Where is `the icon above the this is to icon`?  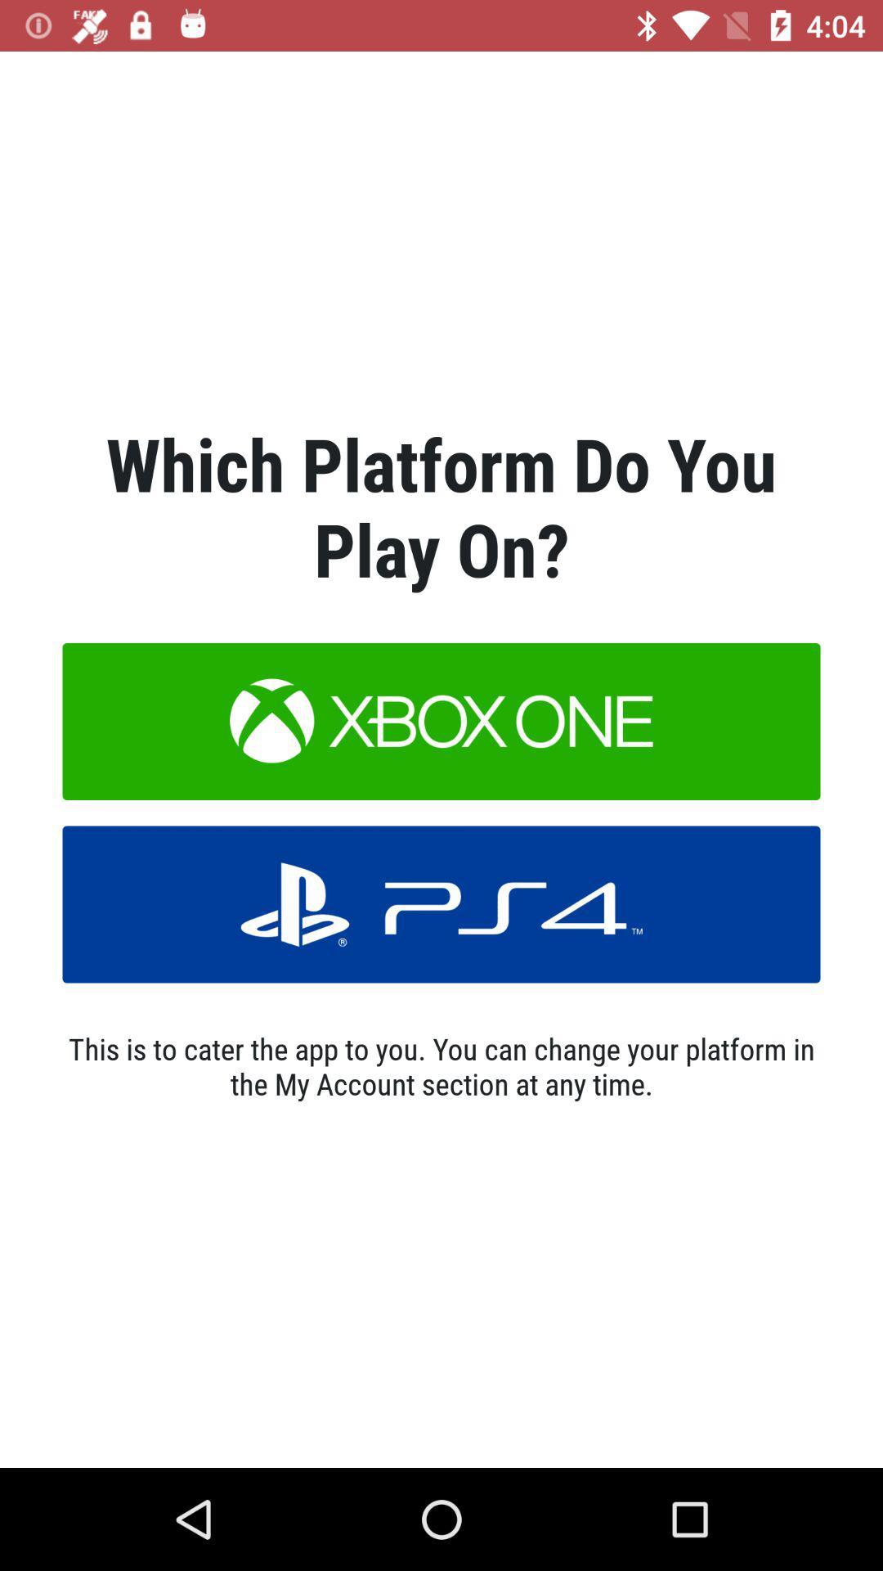
the icon above the this is to icon is located at coordinates (441, 903).